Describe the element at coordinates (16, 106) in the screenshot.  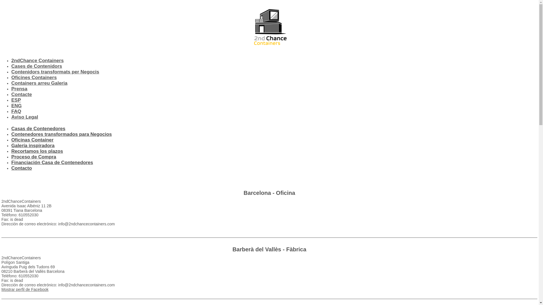
I see `'ENG'` at that location.